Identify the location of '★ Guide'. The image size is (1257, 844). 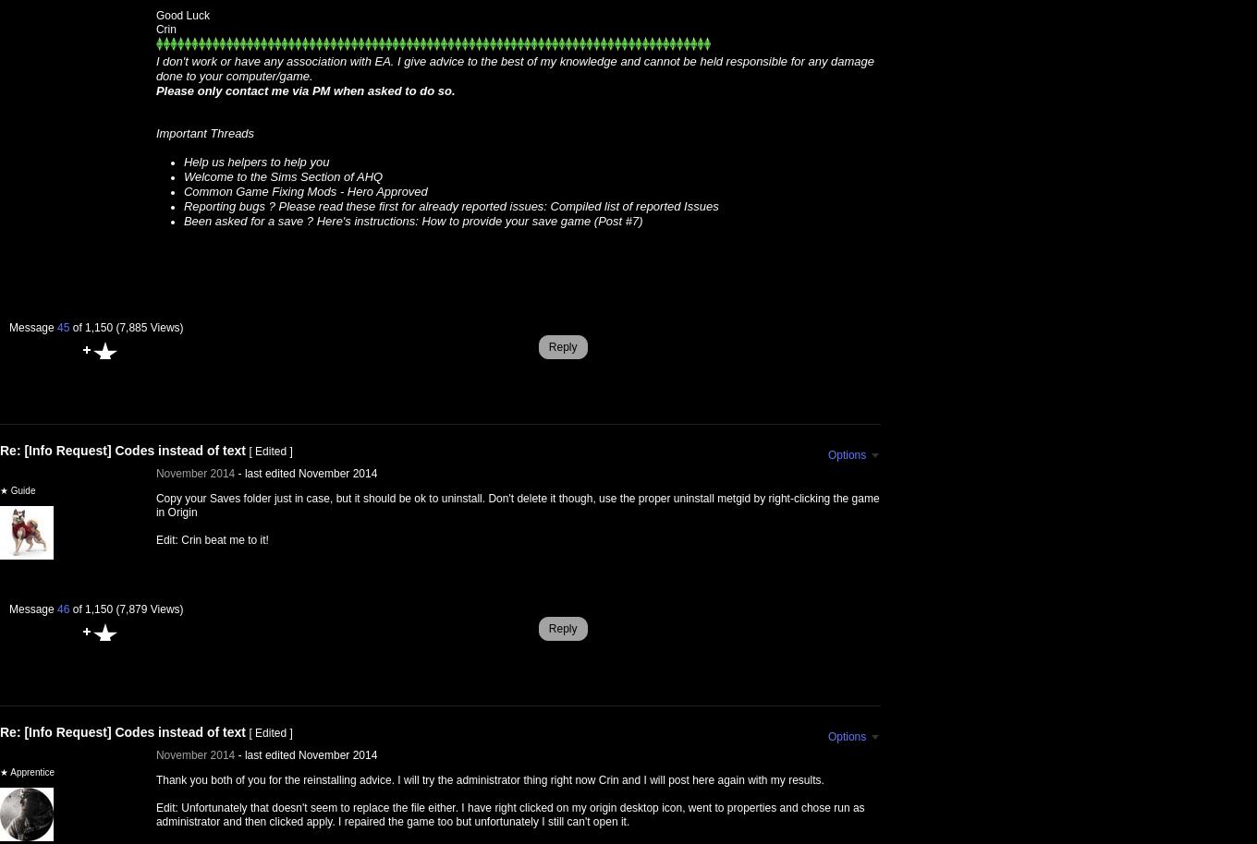
(18, 489).